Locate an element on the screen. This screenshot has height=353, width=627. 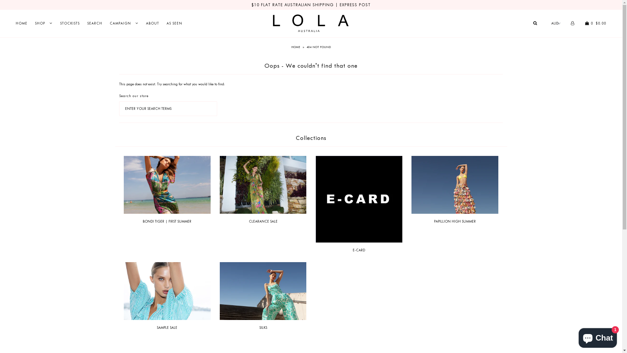
'CAMPAIGN' is located at coordinates (106, 23).